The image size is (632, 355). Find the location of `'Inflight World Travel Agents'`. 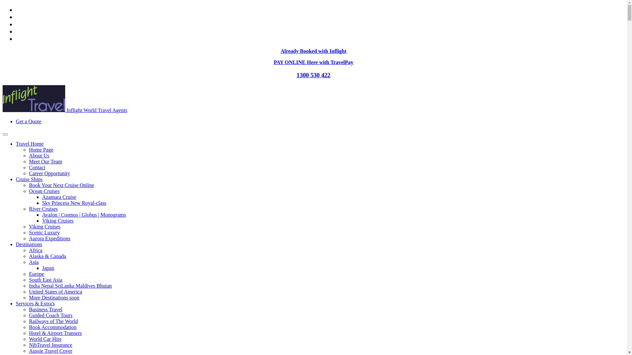

'Inflight World Travel Agents' is located at coordinates (65, 110).